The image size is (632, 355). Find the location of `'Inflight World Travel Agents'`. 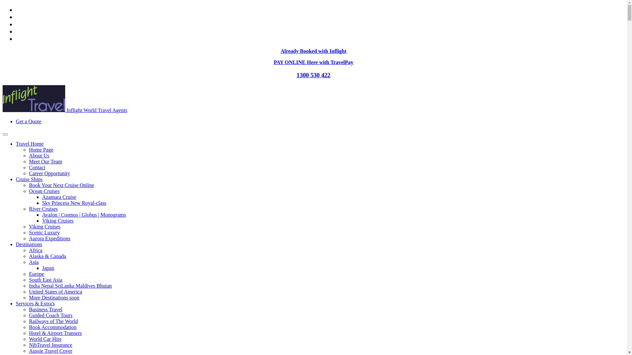

'Inflight World Travel Agents' is located at coordinates (65, 110).